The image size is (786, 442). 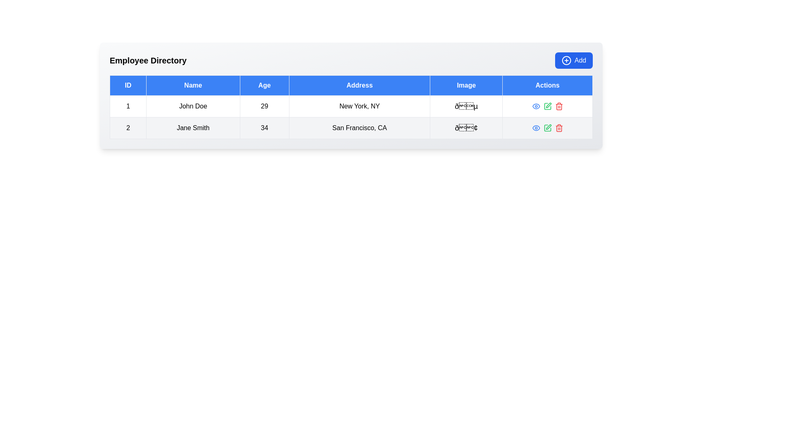 What do you see at coordinates (547, 106) in the screenshot?
I see `the green pen icon in the Actions column of the second row to initiate the edit functionality` at bounding box center [547, 106].